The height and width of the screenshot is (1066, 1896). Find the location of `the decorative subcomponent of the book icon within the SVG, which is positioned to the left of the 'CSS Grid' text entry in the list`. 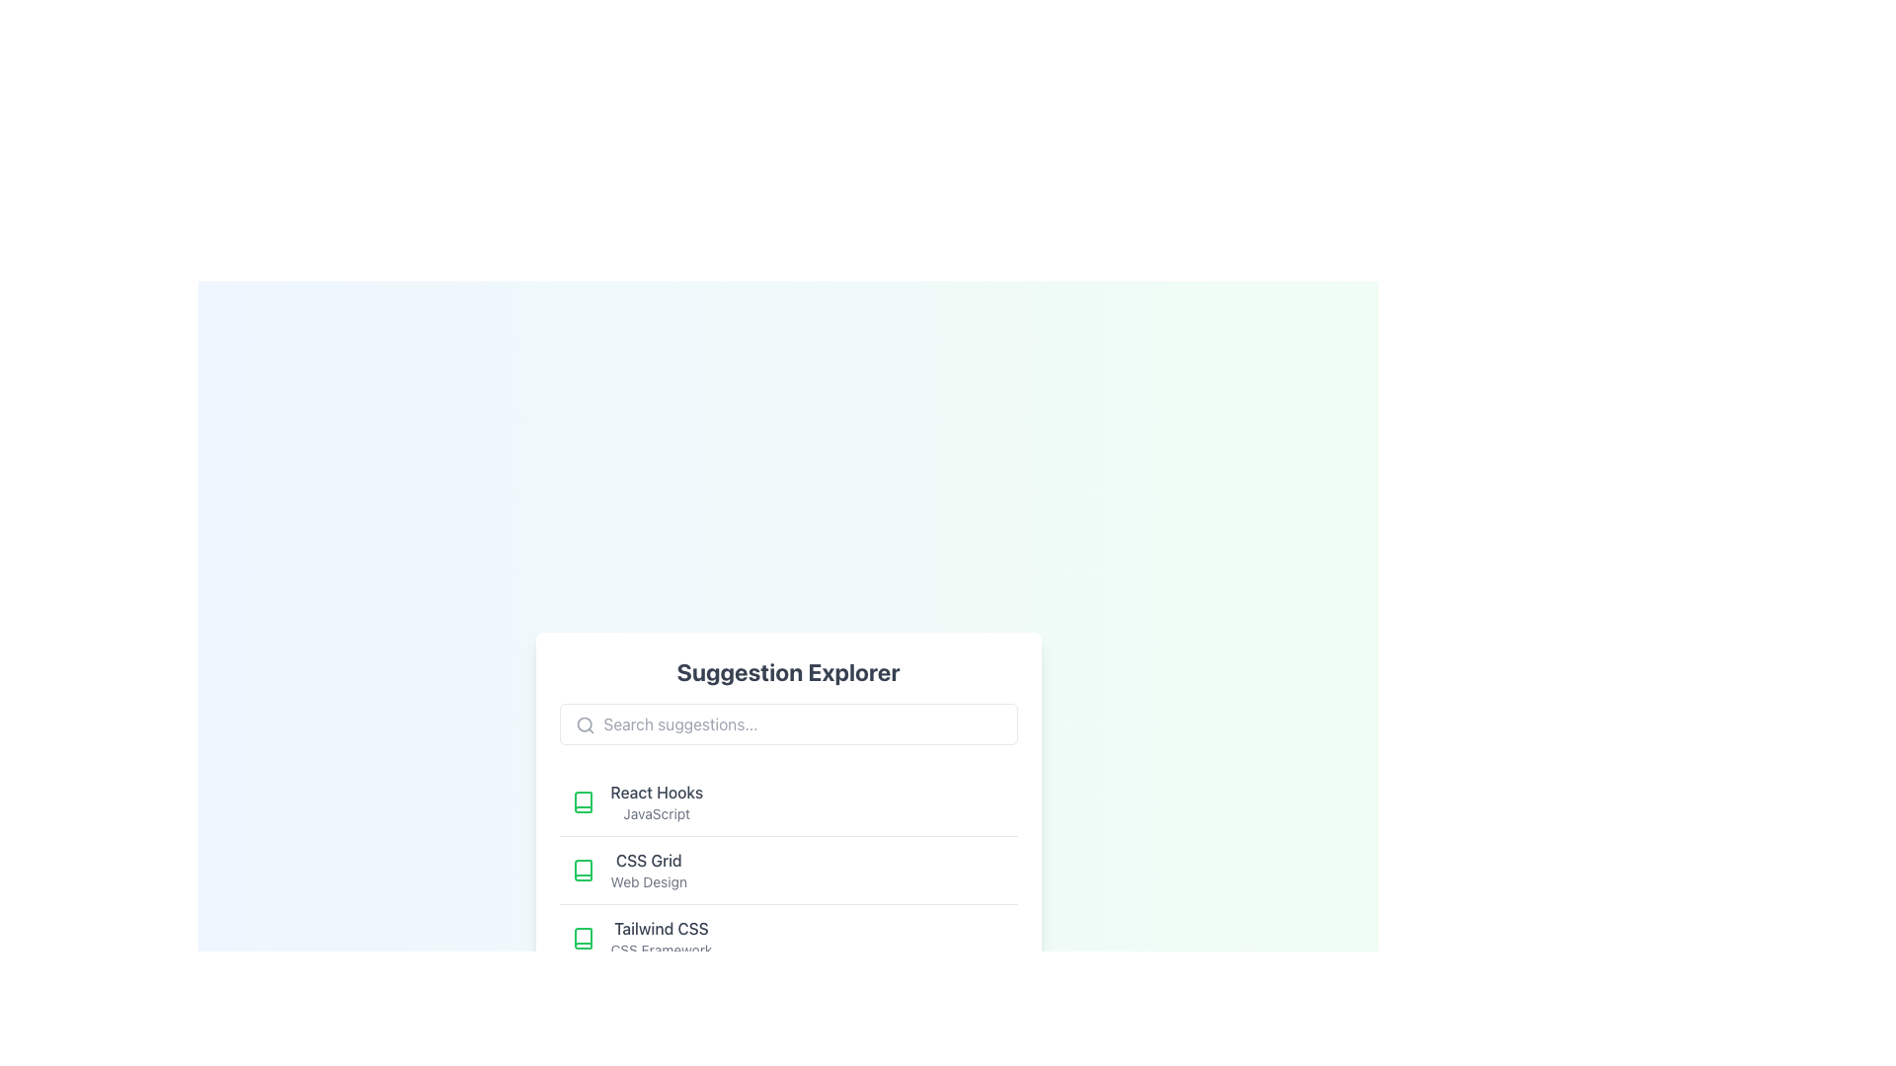

the decorative subcomponent of the book icon within the SVG, which is positioned to the left of the 'CSS Grid' text entry in the list is located at coordinates (582, 870).